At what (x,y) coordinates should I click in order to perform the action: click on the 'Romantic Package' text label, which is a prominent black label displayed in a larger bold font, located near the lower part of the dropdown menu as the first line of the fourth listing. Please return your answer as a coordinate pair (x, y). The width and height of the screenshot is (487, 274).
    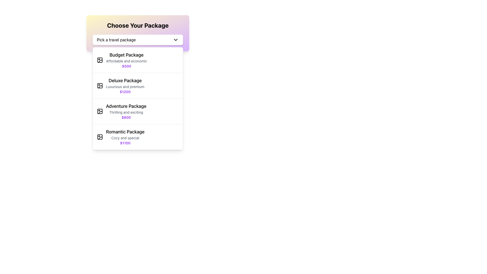
    Looking at the image, I should click on (125, 132).